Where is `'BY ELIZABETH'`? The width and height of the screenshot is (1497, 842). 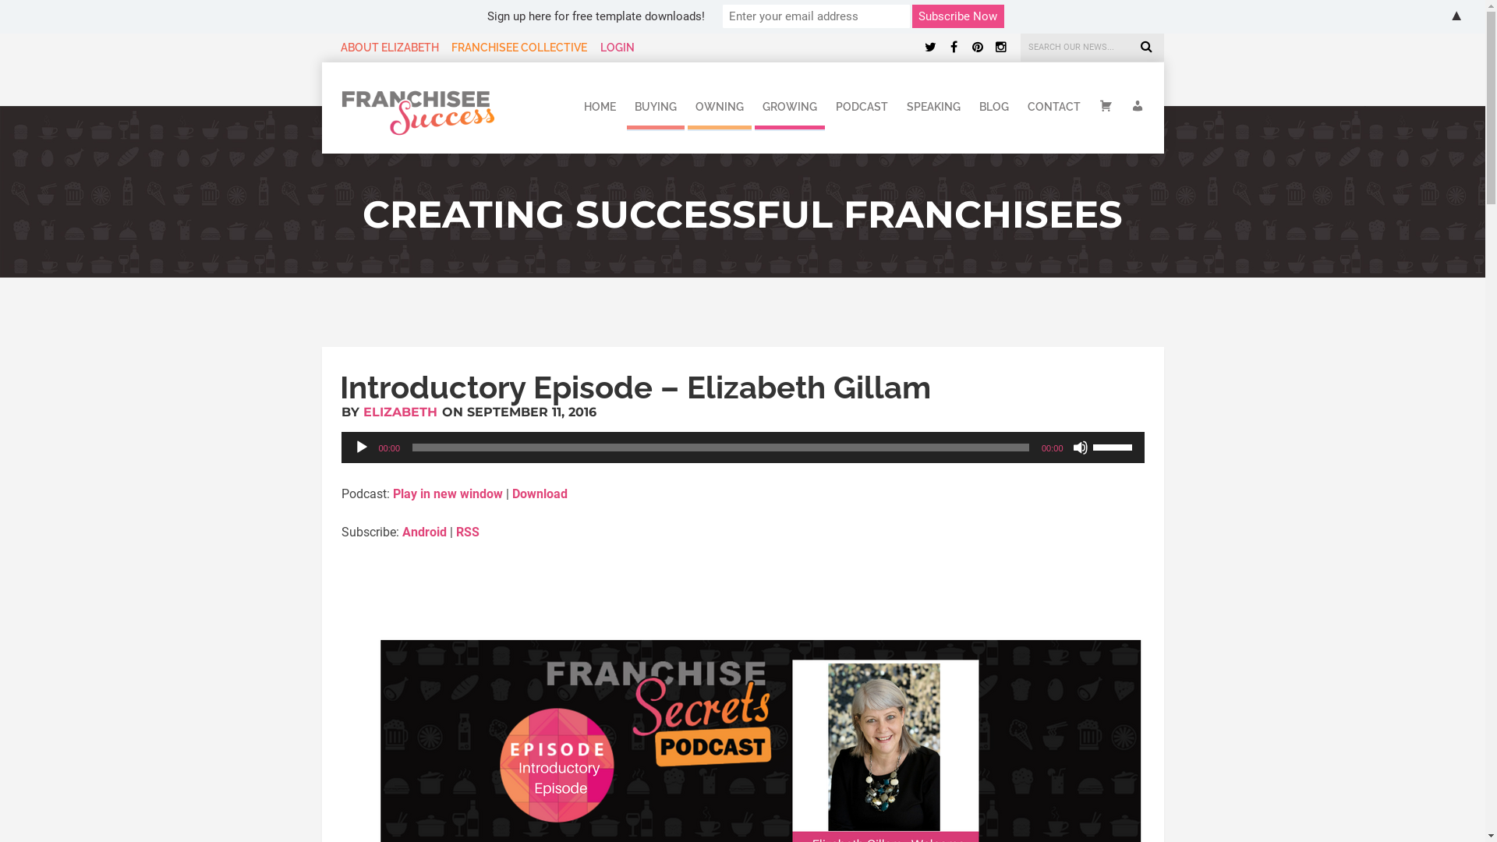 'BY ELIZABETH' is located at coordinates (389, 411).